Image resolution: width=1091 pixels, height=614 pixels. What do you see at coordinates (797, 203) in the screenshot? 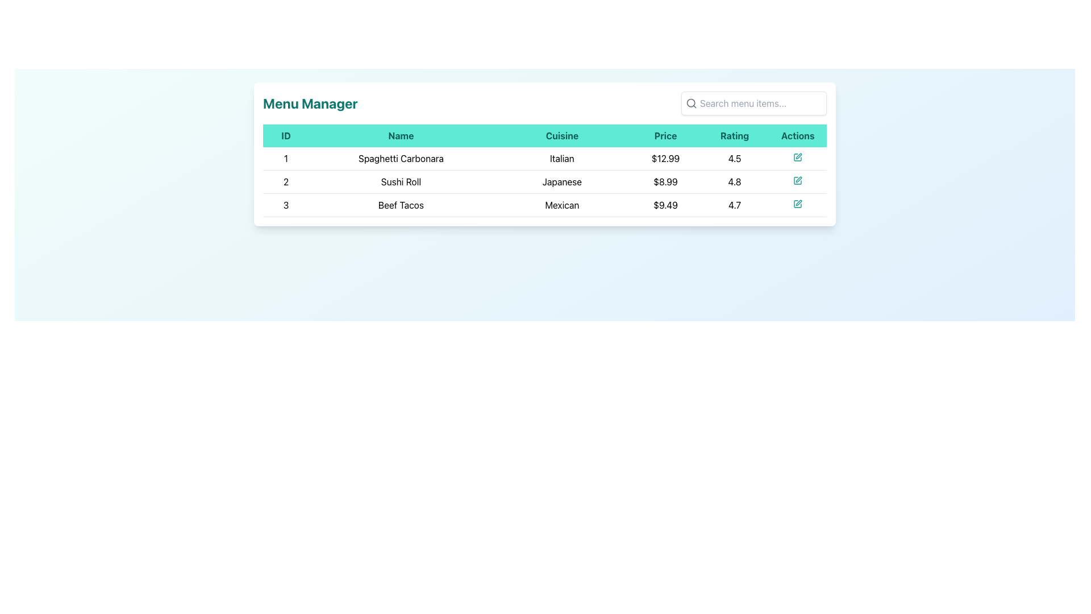
I see `the edit icon button located in the 'Actions' column of the third row of the table` at bounding box center [797, 203].